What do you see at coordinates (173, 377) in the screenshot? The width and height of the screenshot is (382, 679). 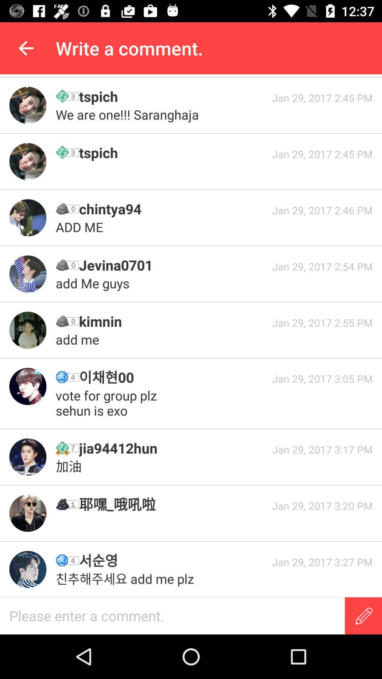 I see `the item below add me` at bounding box center [173, 377].